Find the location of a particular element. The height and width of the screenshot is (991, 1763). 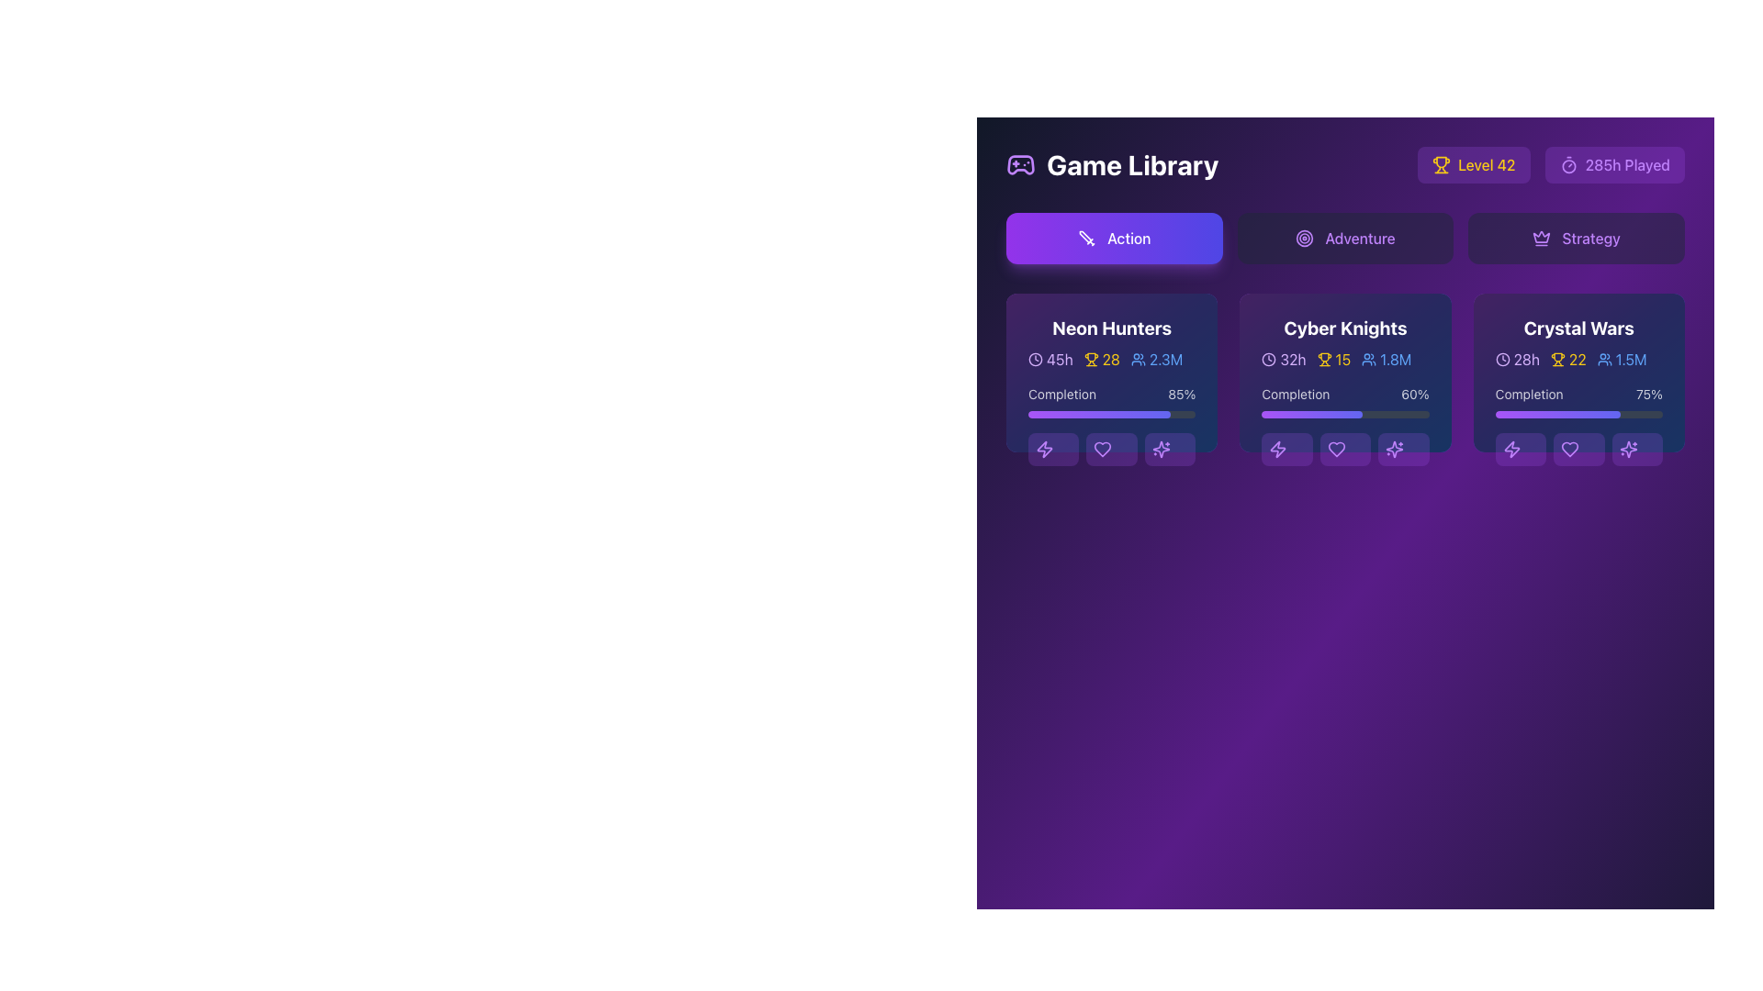

the Text label that specifies a duration related to the game 'Neon Hunters', which is aligned horizontally with an icon in the first column of the game card is located at coordinates (1060, 360).